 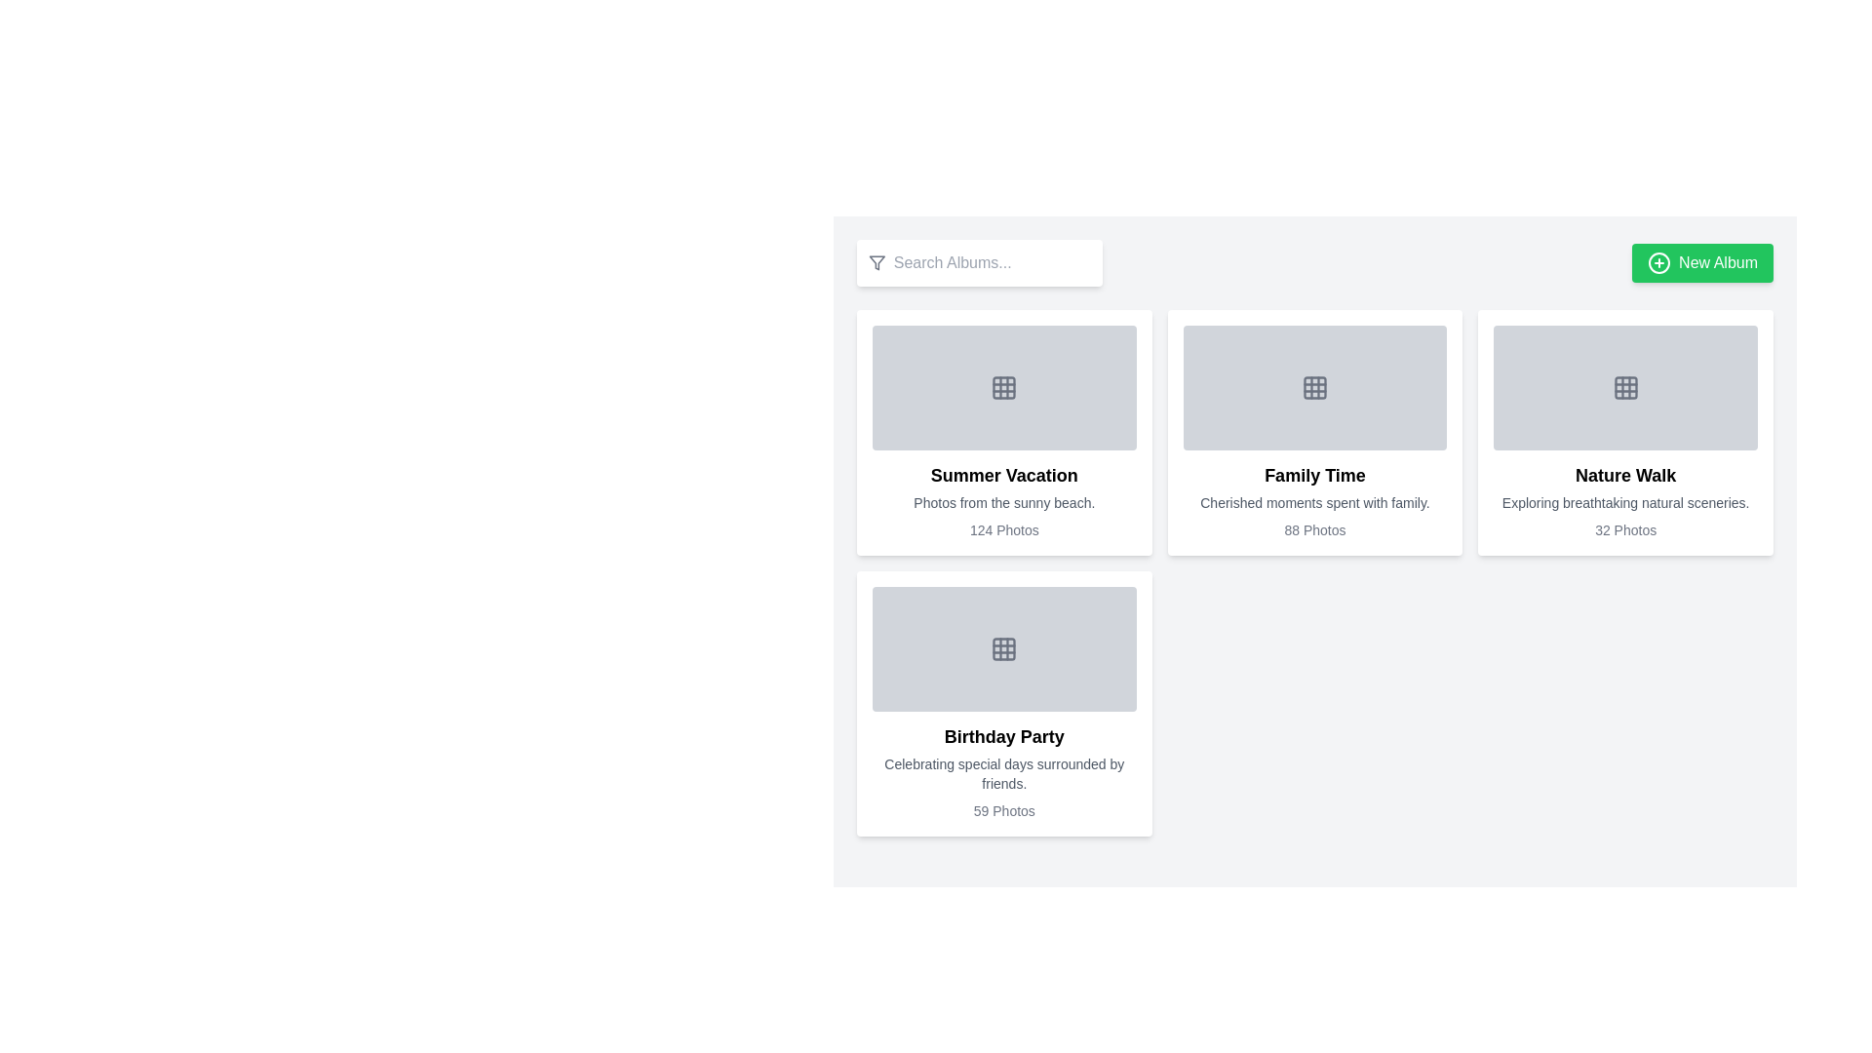 I want to click on the static text label that reads '124 Photos', which is located below the descriptive text in the 'Summer Vacation' photo album section, so click(x=1004, y=529).